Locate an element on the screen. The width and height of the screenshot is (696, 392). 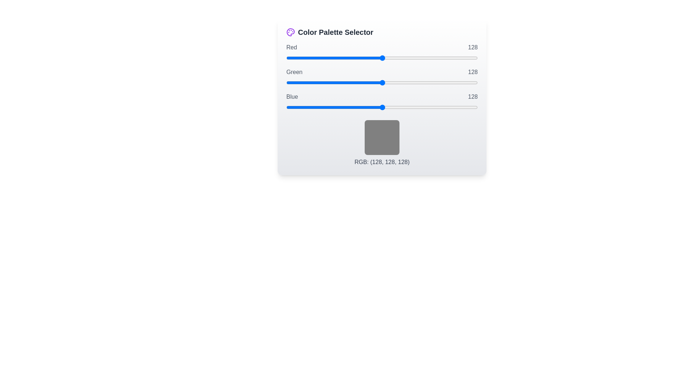
the red slider to set its value to 198 is located at coordinates (435, 57).